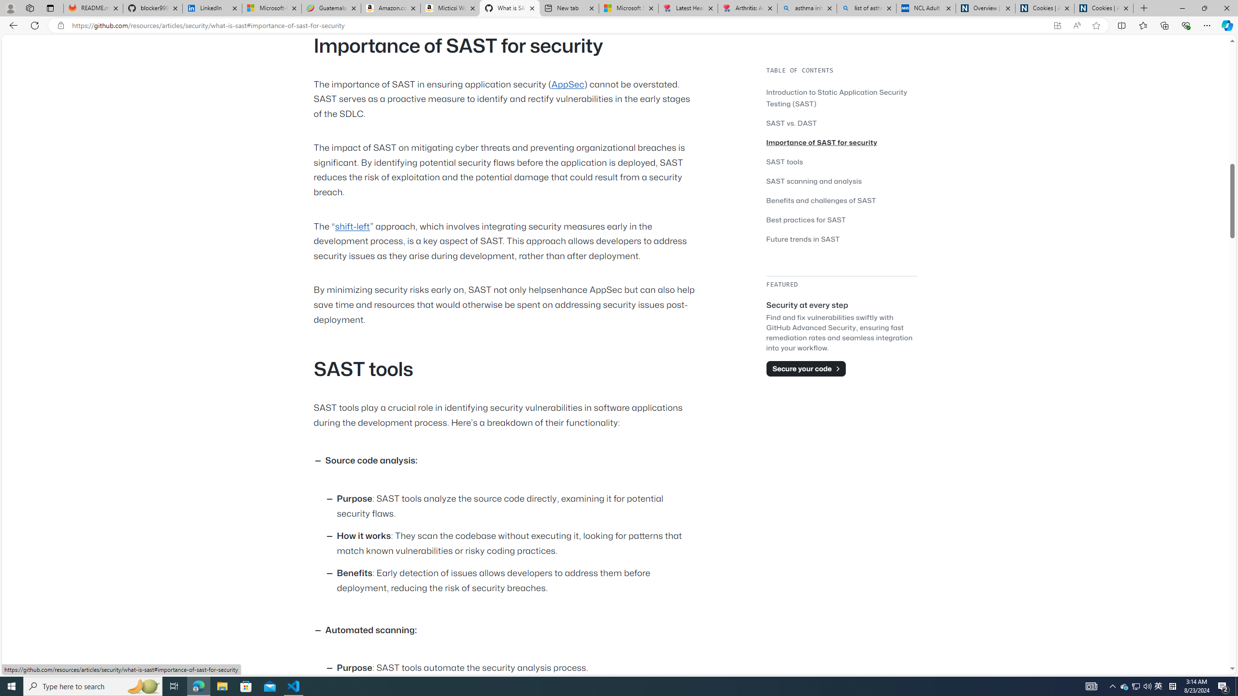 The image size is (1238, 696). What do you see at coordinates (841, 98) in the screenshot?
I see `'Introduction to Static Application Security Testing (SAST)'` at bounding box center [841, 98].